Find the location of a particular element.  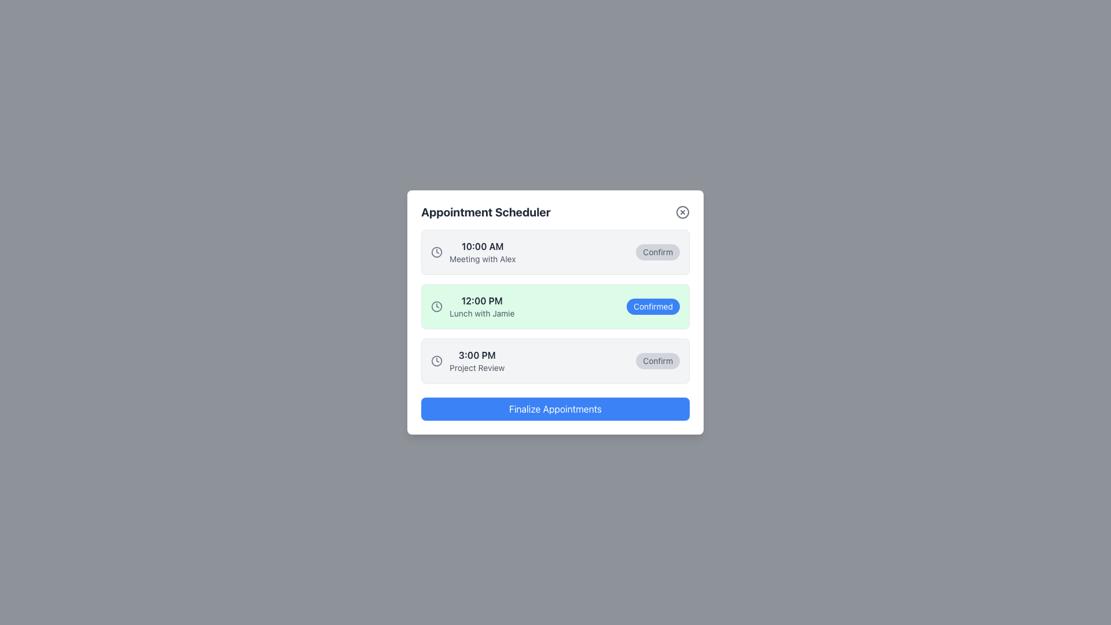

the appointment details card displaying the status 'Confirmed' within the 'Appointment Scheduler' modal is located at coordinates (555, 312).